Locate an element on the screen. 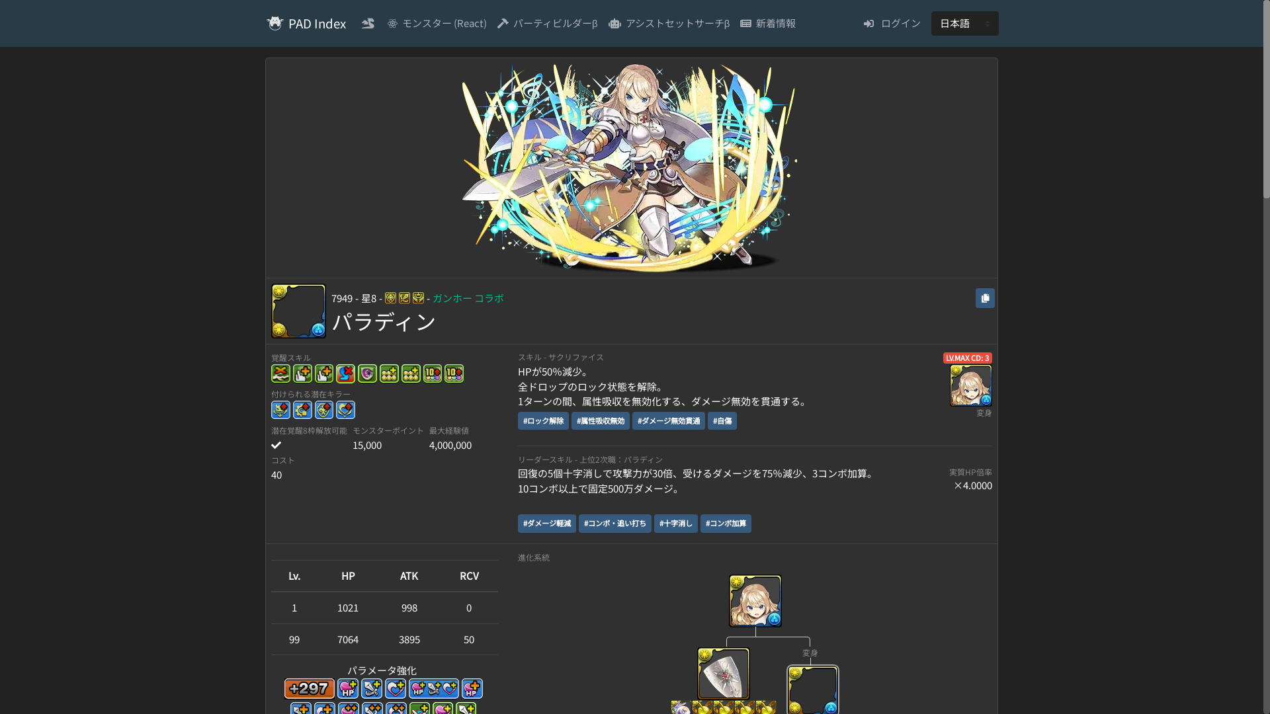 This screenshot has height=714, width=1270. 'PAD Index' is located at coordinates (316, 23).